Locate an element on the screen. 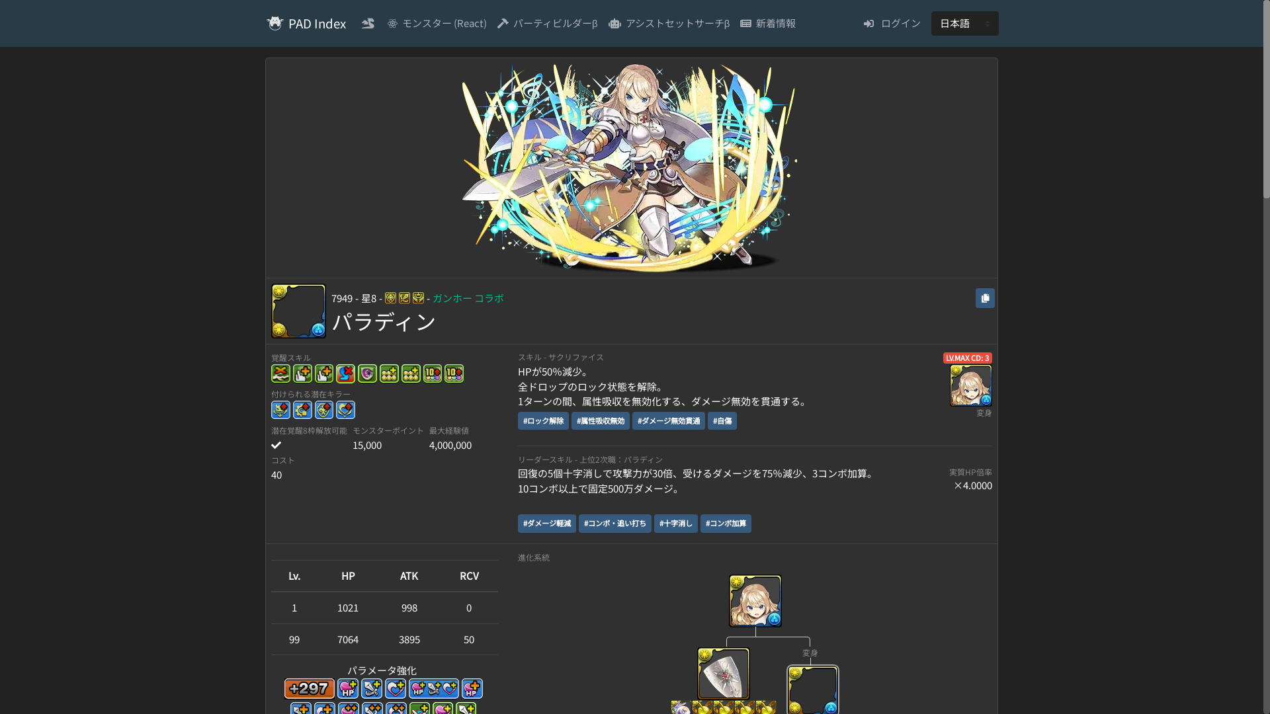 This screenshot has height=714, width=1270. 'PAD Index' is located at coordinates (316, 23).